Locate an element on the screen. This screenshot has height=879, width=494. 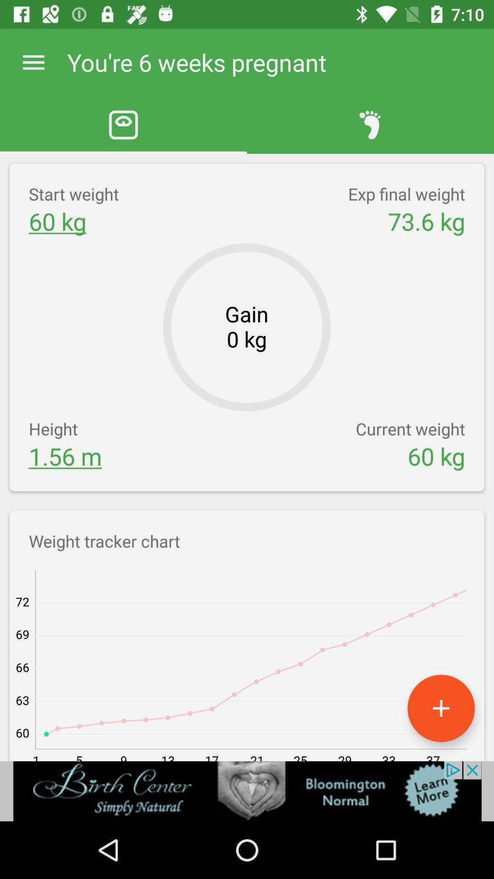
icon is located at coordinates (440, 708).